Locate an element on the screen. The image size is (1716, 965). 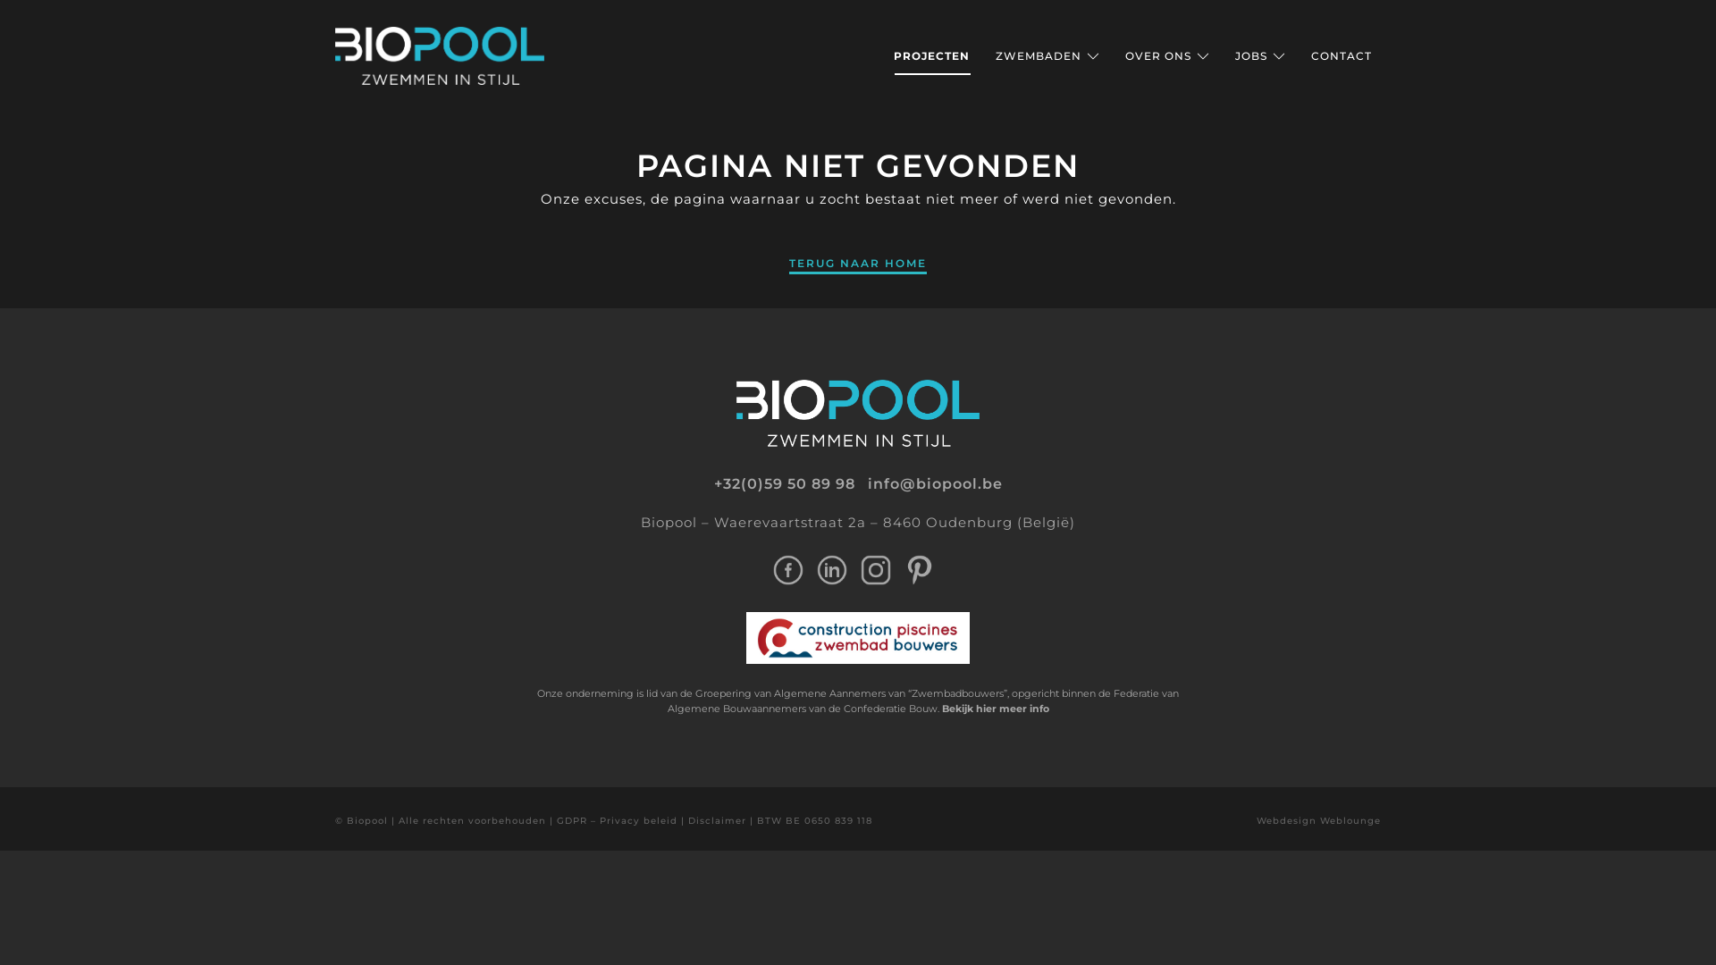
'PROJECTEN' is located at coordinates (930, 55).